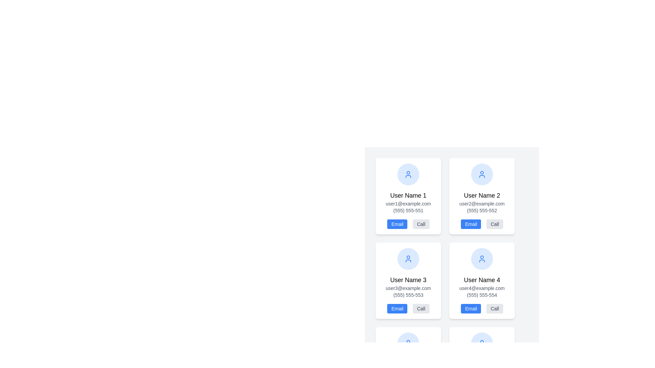  What do you see at coordinates (408, 259) in the screenshot?
I see `circular blue user profile icon located at the top of the user details card for 'User Name 3'` at bounding box center [408, 259].